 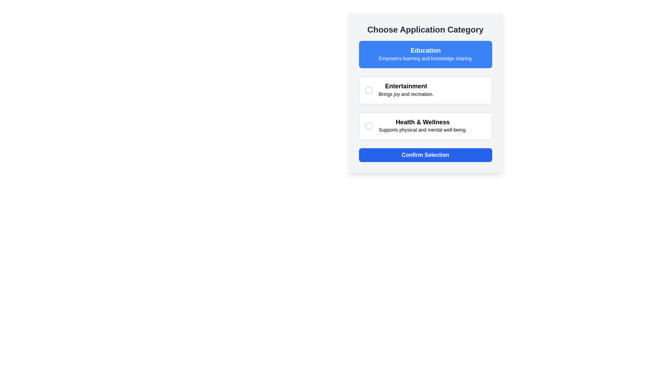 I want to click on the circular radio button icon outlined in light gray, located at the top-left corner of the 'Entertainment' selection card, adjacent to the heading label 'Entertainment', so click(x=368, y=90).